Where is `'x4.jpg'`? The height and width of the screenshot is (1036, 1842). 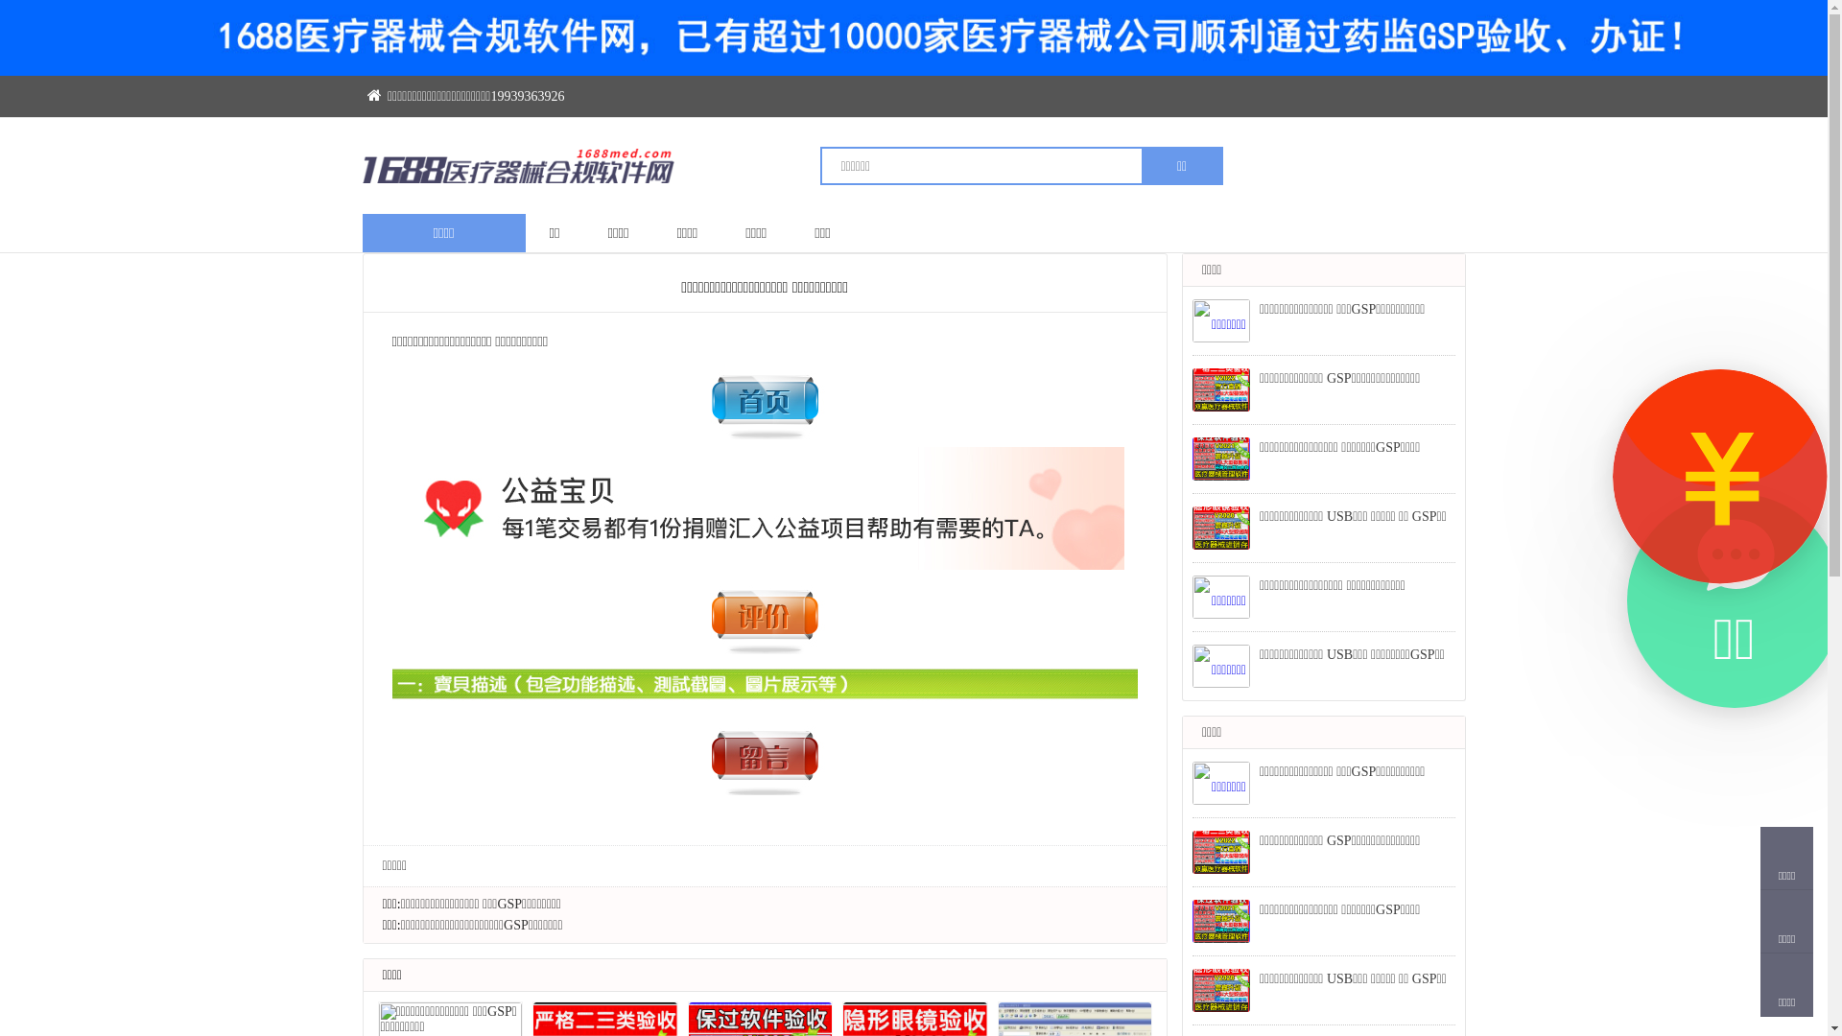 'x4.jpg' is located at coordinates (763, 615).